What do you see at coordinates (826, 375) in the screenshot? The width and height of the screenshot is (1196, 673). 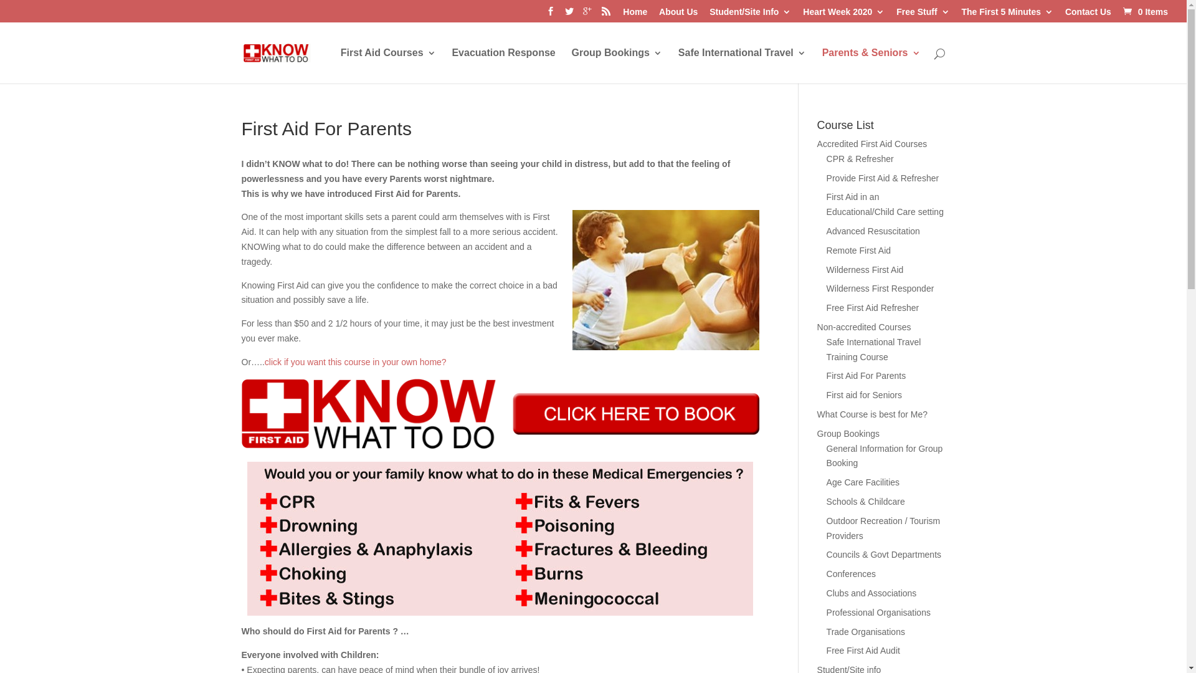 I see `'First Aid For Parents'` at bounding box center [826, 375].